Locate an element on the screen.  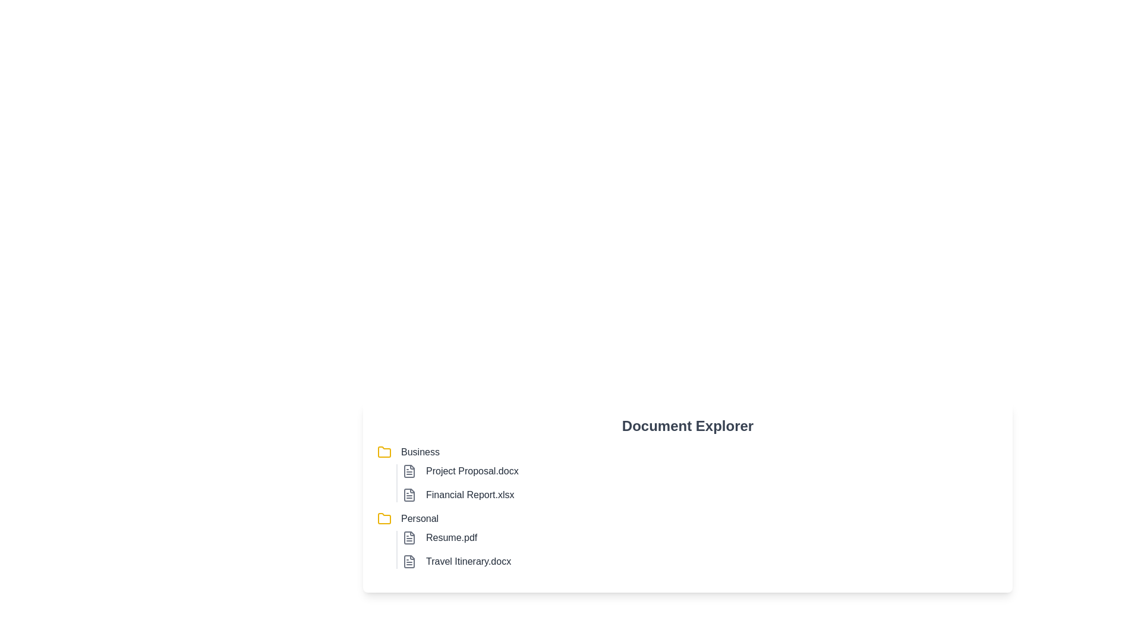
the small gray document icon located to the left of the text 'Project Proposal.docx' is located at coordinates (409, 471).